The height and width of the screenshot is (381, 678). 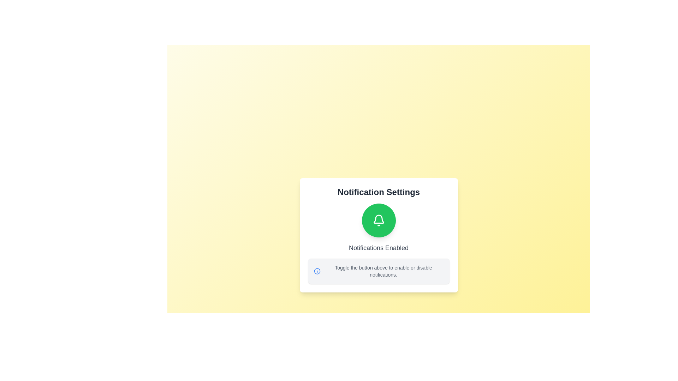 What do you see at coordinates (378, 220) in the screenshot?
I see `the circular button to toggle the notification state` at bounding box center [378, 220].